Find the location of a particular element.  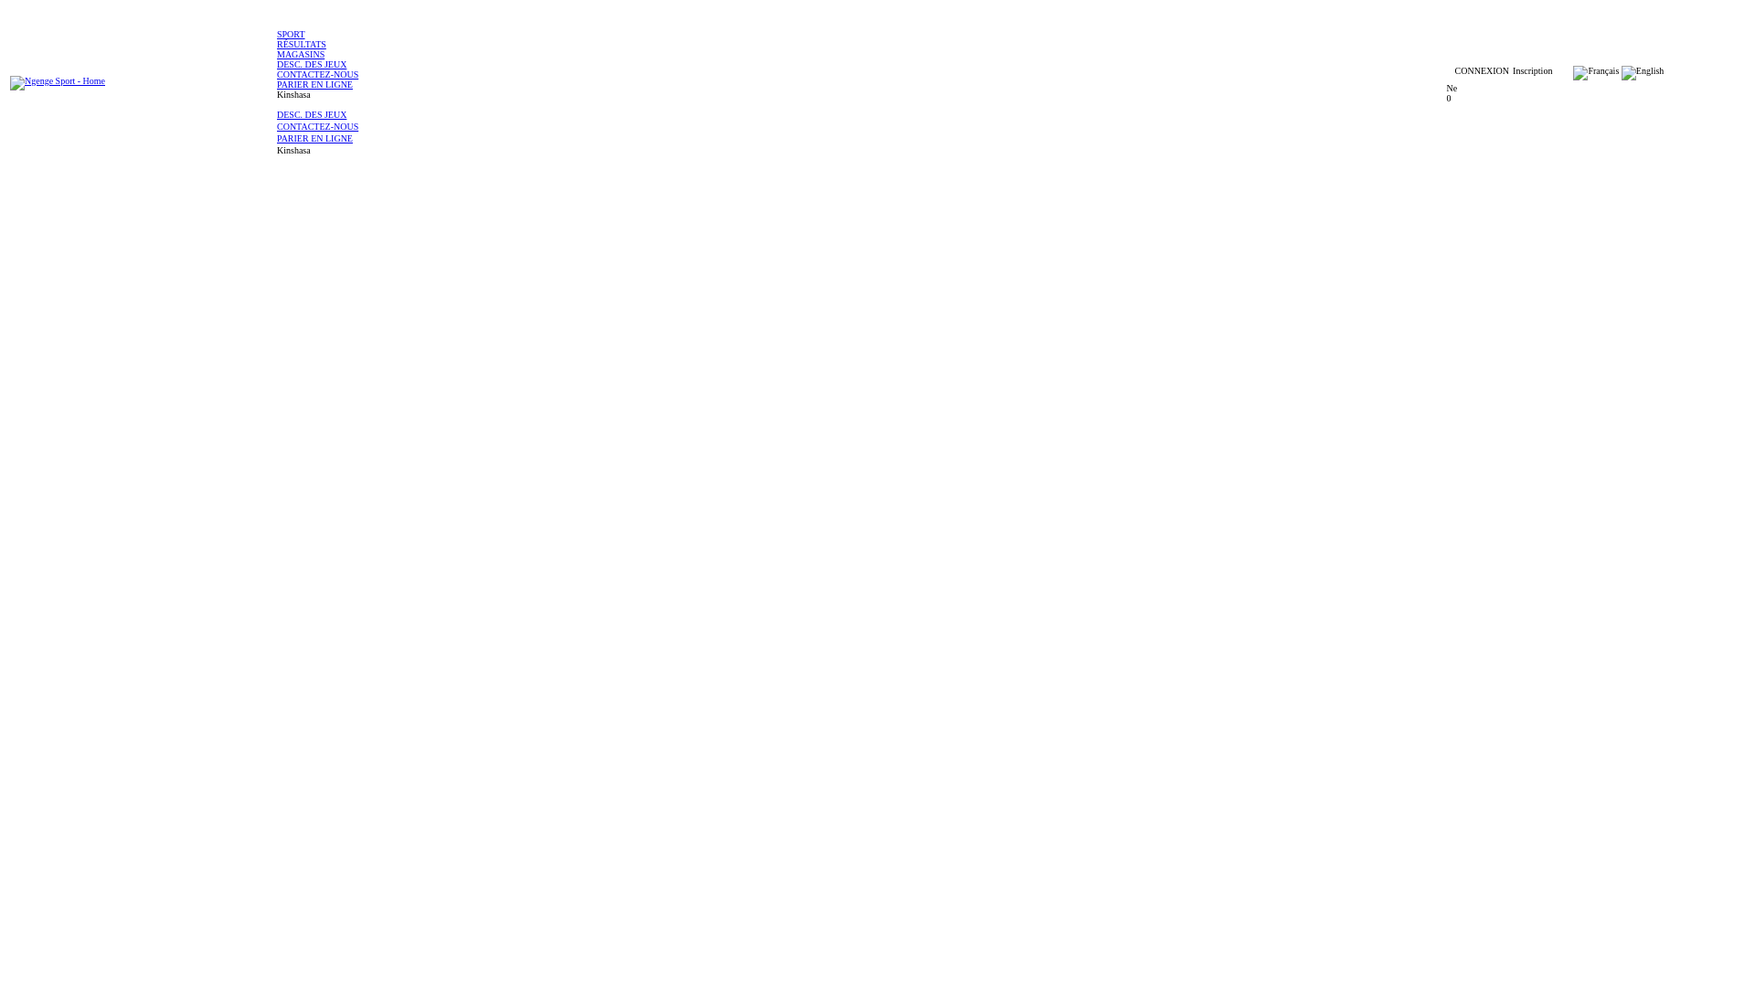

'CONNEXION' is located at coordinates (1454, 69).